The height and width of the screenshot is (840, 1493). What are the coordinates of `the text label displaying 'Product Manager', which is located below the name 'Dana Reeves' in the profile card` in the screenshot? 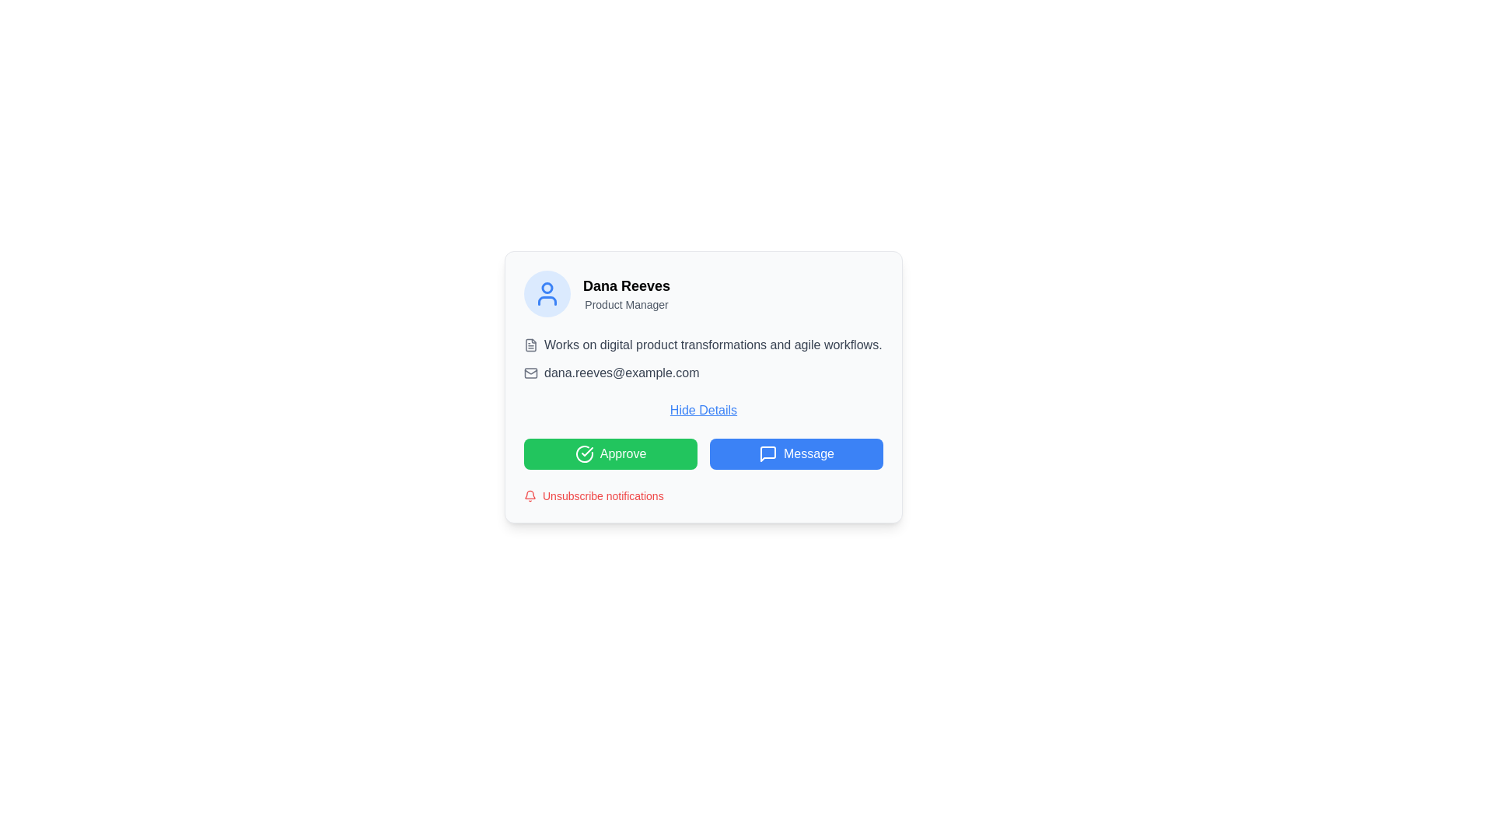 It's located at (627, 305).